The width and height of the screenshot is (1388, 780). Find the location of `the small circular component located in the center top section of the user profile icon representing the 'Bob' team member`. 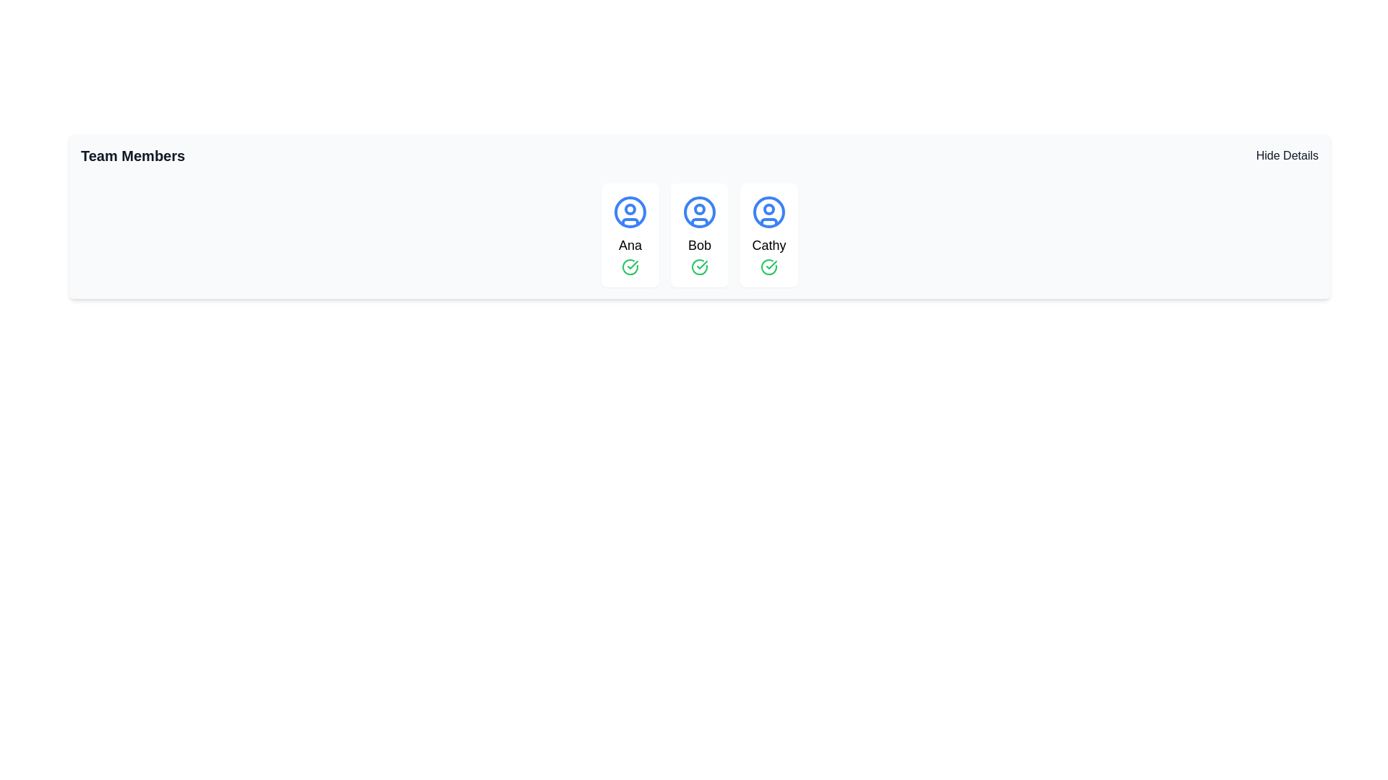

the small circular component located in the center top section of the user profile icon representing the 'Bob' team member is located at coordinates (700, 209).